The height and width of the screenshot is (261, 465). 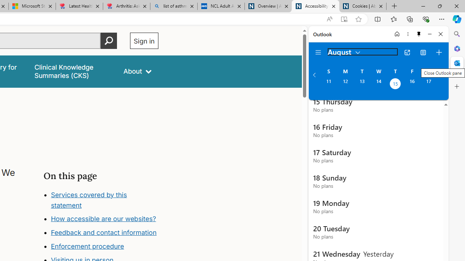 I want to click on 'Unpin side pane', so click(x=419, y=34).